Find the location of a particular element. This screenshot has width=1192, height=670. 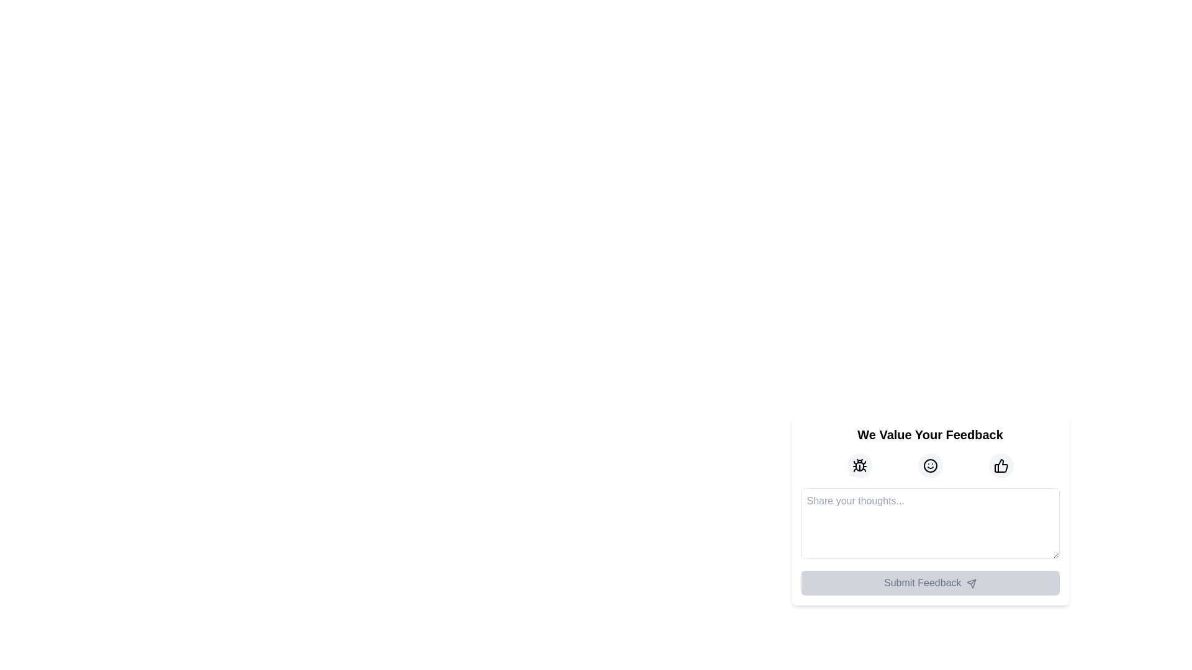

the circular graphic element that represents a face, located in the second icon from the left in a group of three icons at the top of the feedback form is located at coordinates (930, 466).